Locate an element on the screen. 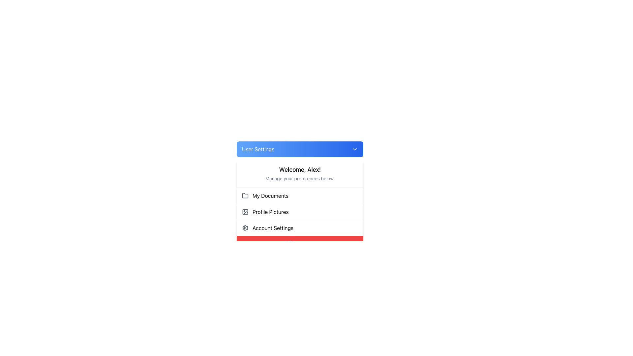  the 'My Documents' menu item, which is the first item in the list under 'User Settings' and above 'Profile Pictures' is located at coordinates (300, 195).